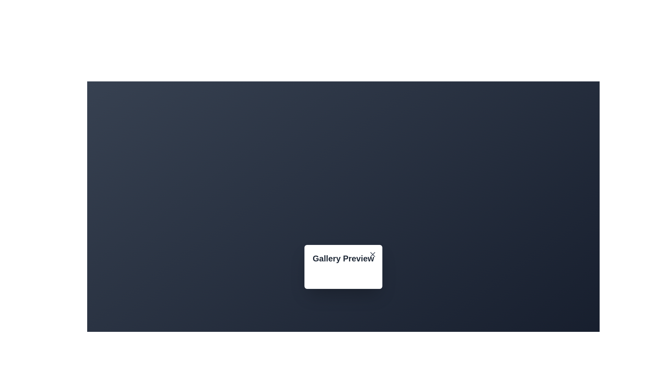  Describe the element at coordinates (372, 254) in the screenshot. I see `the close button to close the gallery dialog` at that location.